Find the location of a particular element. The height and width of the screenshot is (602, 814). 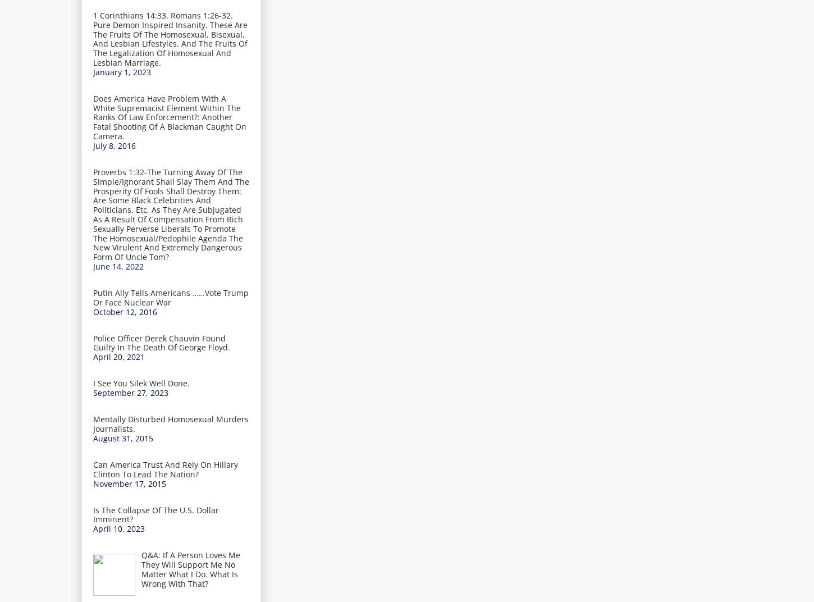

'Mentally Disturbed Homosexual Murders Journalists.' is located at coordinates (171, 424).